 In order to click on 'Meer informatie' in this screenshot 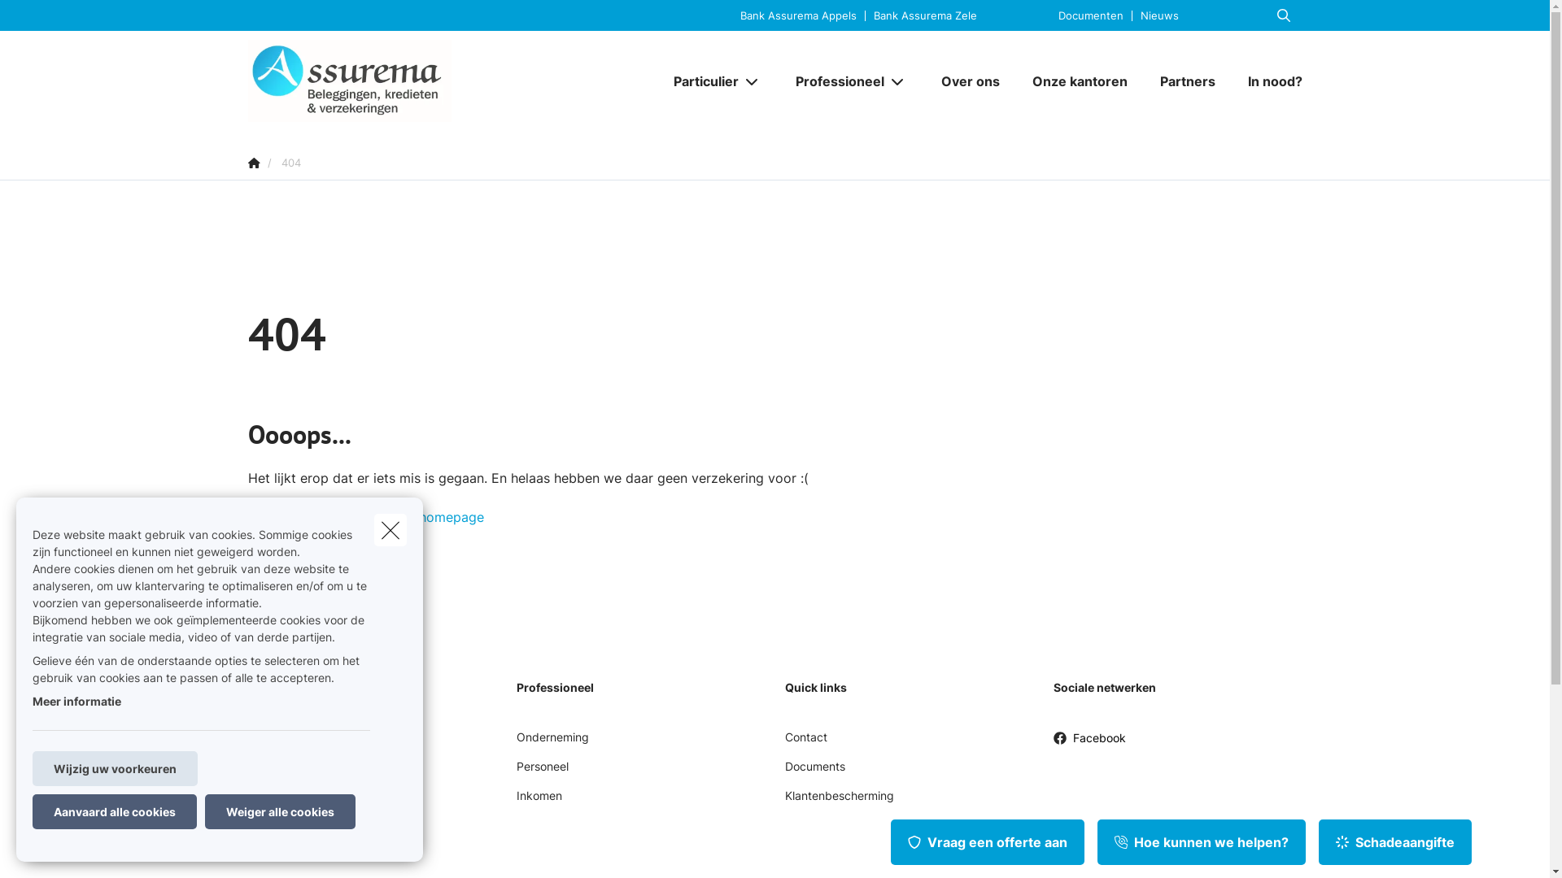, I will do `click(76, 700)`.